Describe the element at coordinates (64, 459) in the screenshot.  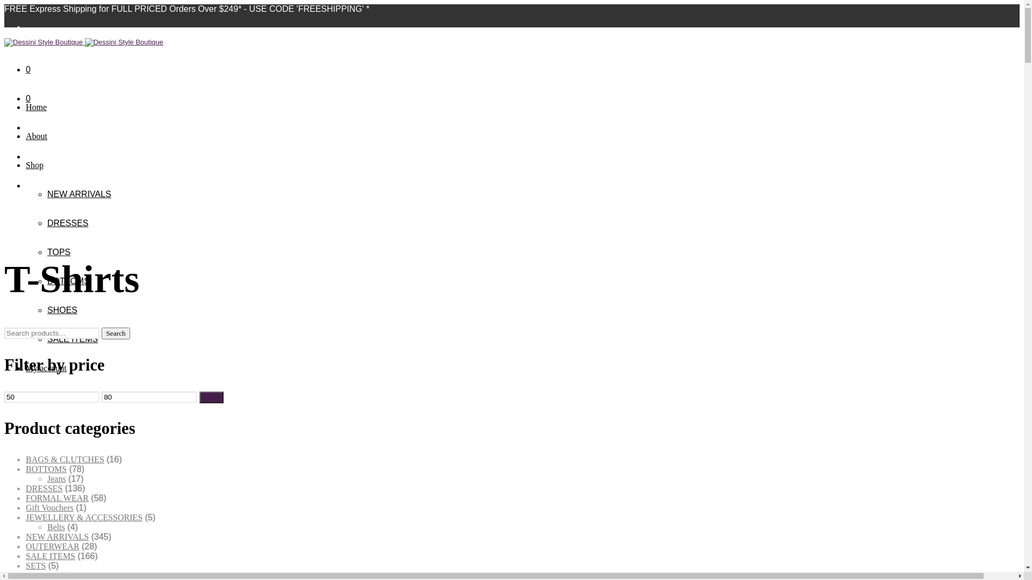
I see `'BAGS & CLUTCHES'` at that location.